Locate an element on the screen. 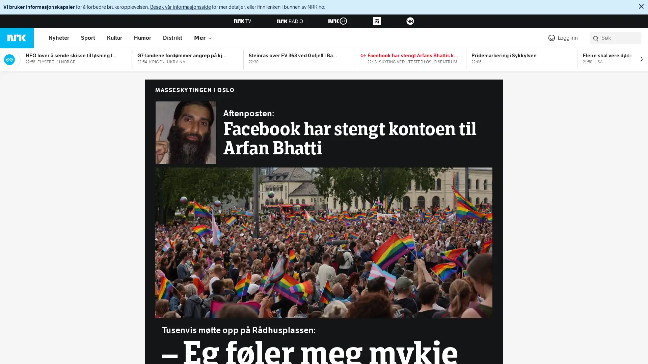 Image resolution: width=648 pixels, height=364 pixels. Facebook har stengt Arfans Bhattis konto PUBLISERT SOM EN VIKTIG MELDING KLOKKEN 22:13 I SKYTING VED UTESTED I OSLO SENTRUM is located at coordinates (410, 58).